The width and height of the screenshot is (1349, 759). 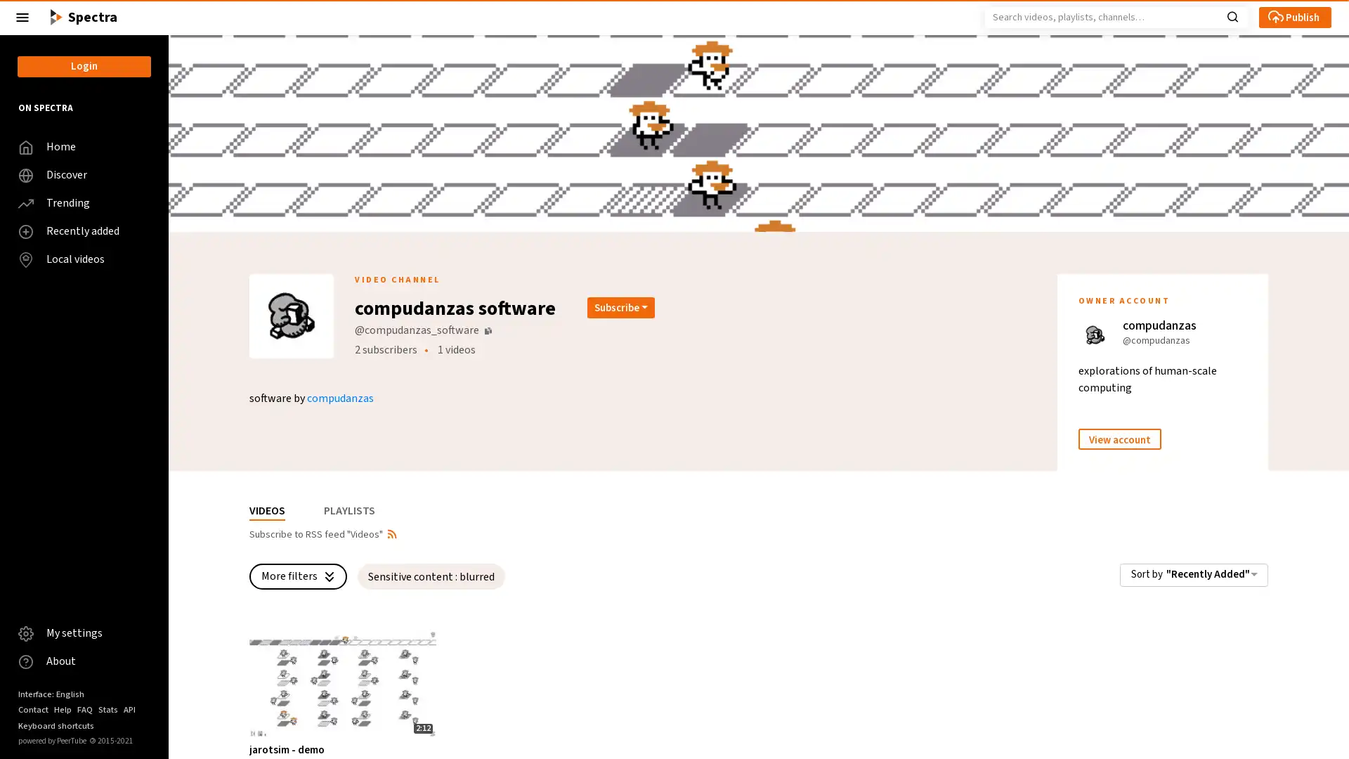 I want to click on Close the left menu, so click(x=22, y=17).